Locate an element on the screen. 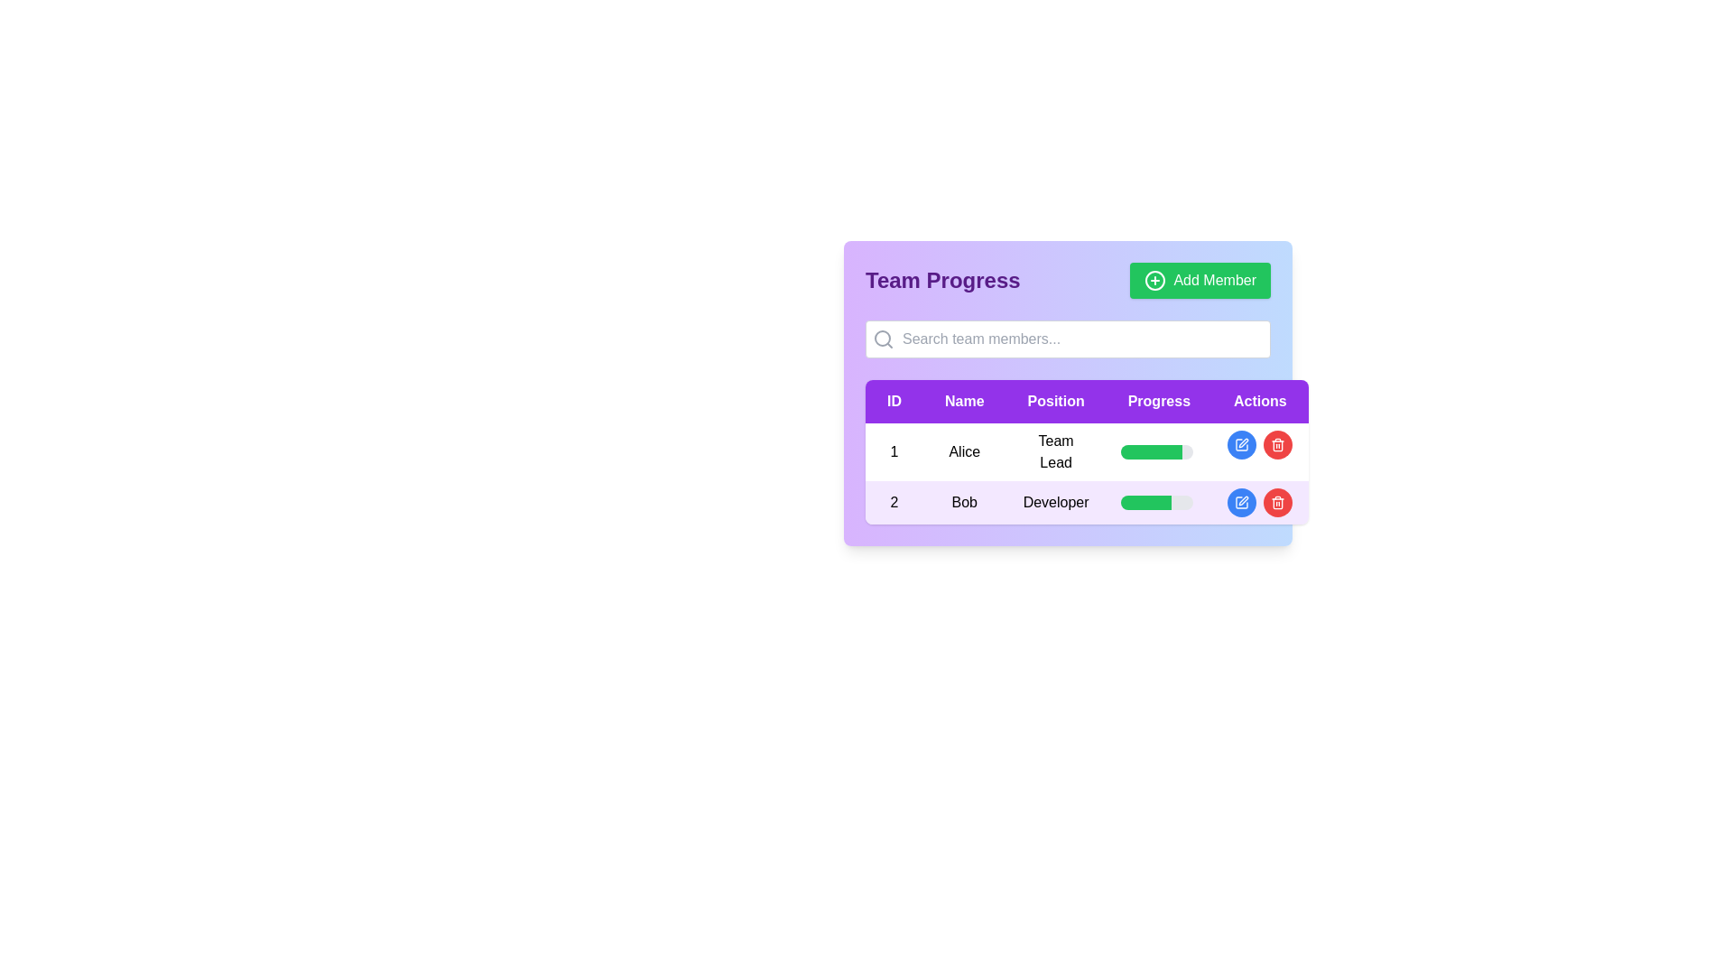 This screenshot has height=975, width=1733. the 'Progress' column header in the table, which is located between the 'Position' and 'Actions' headers is located at coordinates (1159, 400).